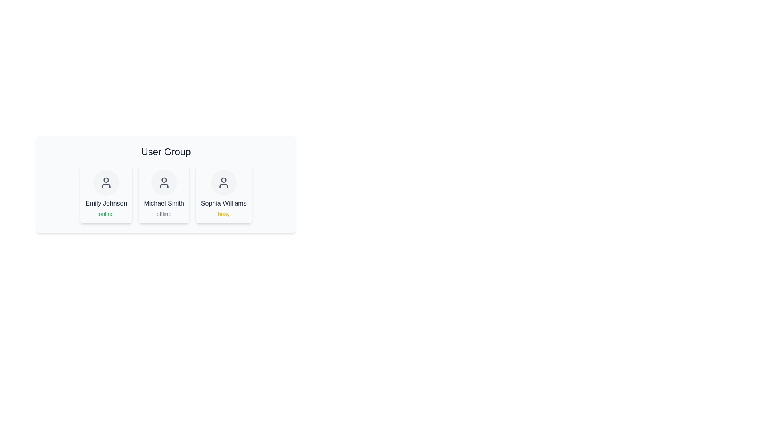  I want to click on the user icon representing 'Sophia Williams', which is a minimalistic vector graphic with a circular background and gray stroke, located on the third card in the user cards group, so click(223, 182).